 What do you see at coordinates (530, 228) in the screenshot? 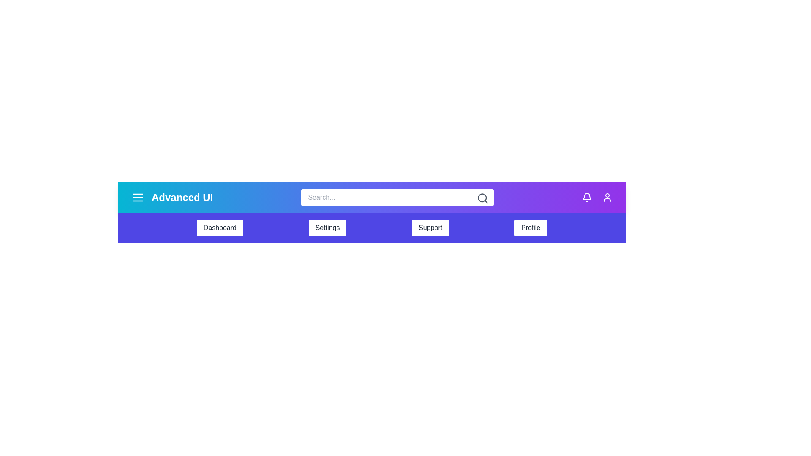
I see `the navigation item labeled Profile to see its hover effect` at bounding box center [530, 228].